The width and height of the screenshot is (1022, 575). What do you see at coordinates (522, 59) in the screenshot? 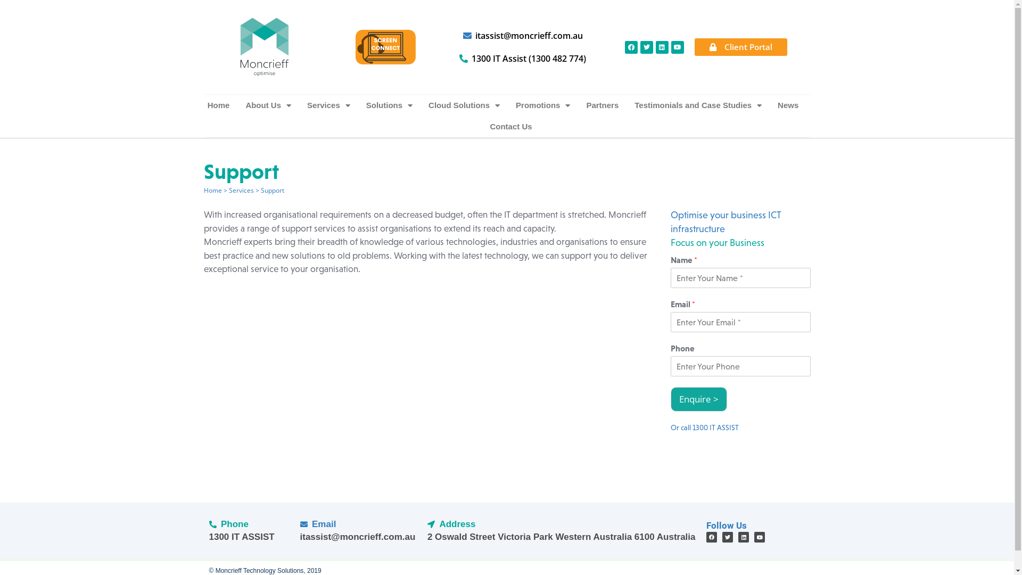
I see `'1300 IT Assist (1300 482 774)'` at bounding box center [522, 59].